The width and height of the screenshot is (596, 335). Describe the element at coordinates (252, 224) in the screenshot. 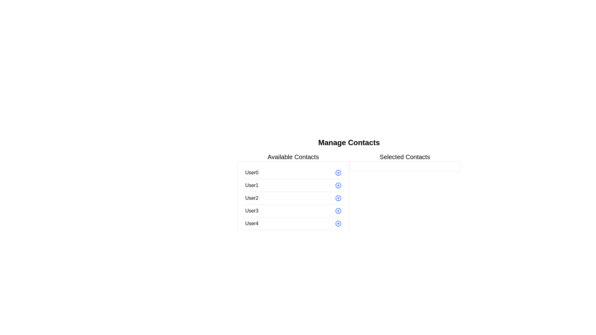

I see `the static text label identifying the contact named 'User4' in the 'Available Contacts' section` at that location.